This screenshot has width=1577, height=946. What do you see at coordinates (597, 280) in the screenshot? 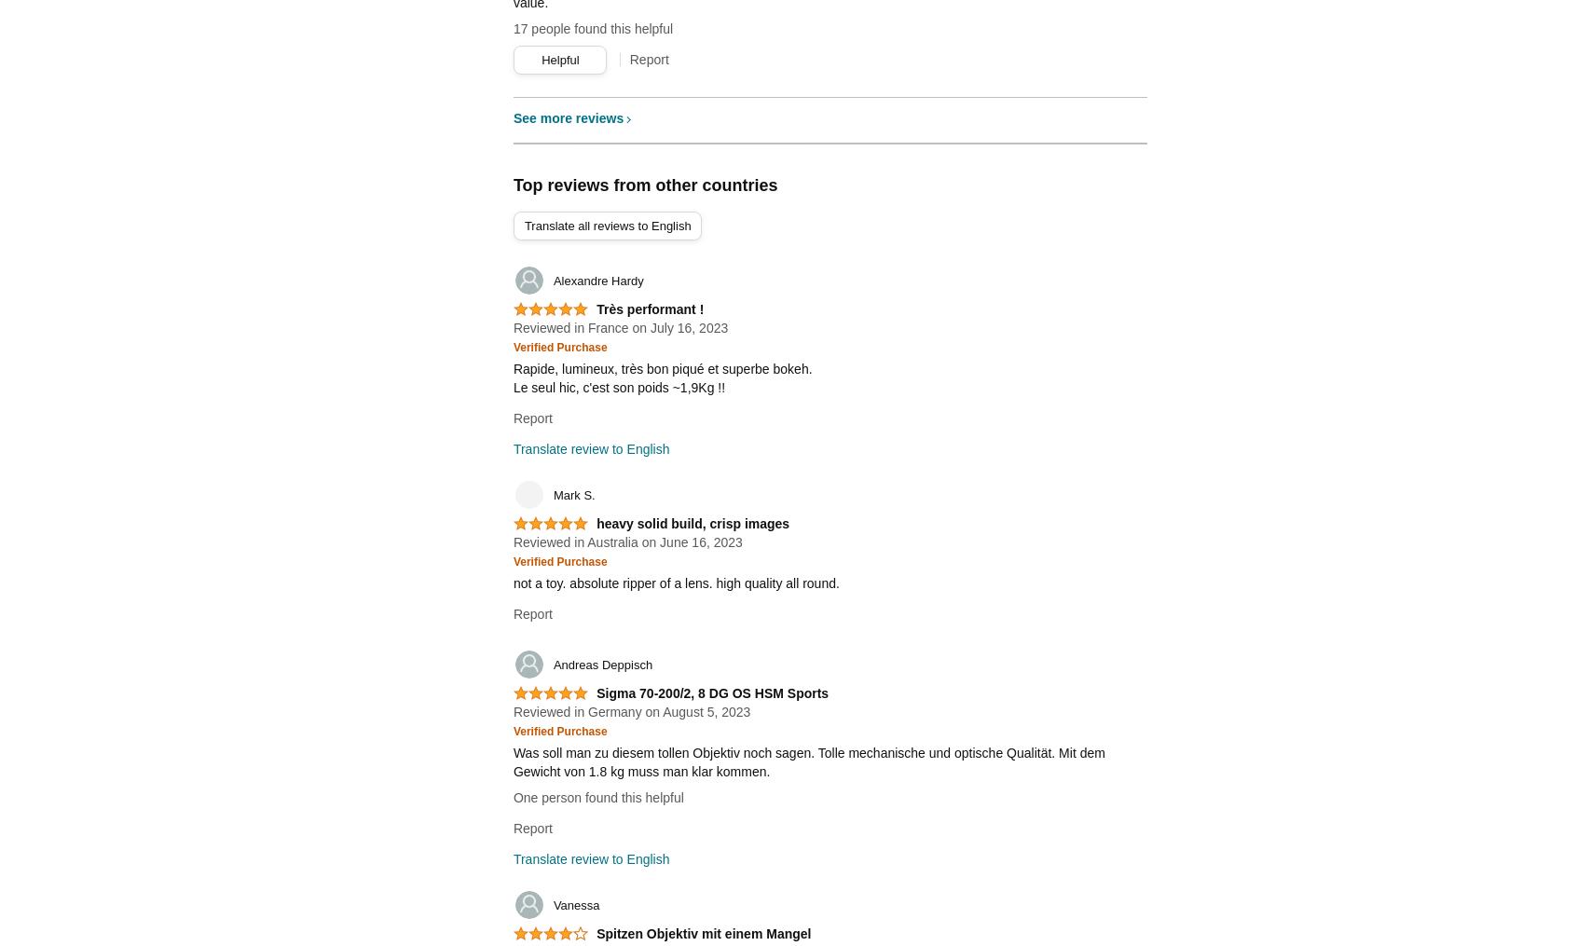
I see `'Alexandre Hardy'` at bounding box center [597, 280].